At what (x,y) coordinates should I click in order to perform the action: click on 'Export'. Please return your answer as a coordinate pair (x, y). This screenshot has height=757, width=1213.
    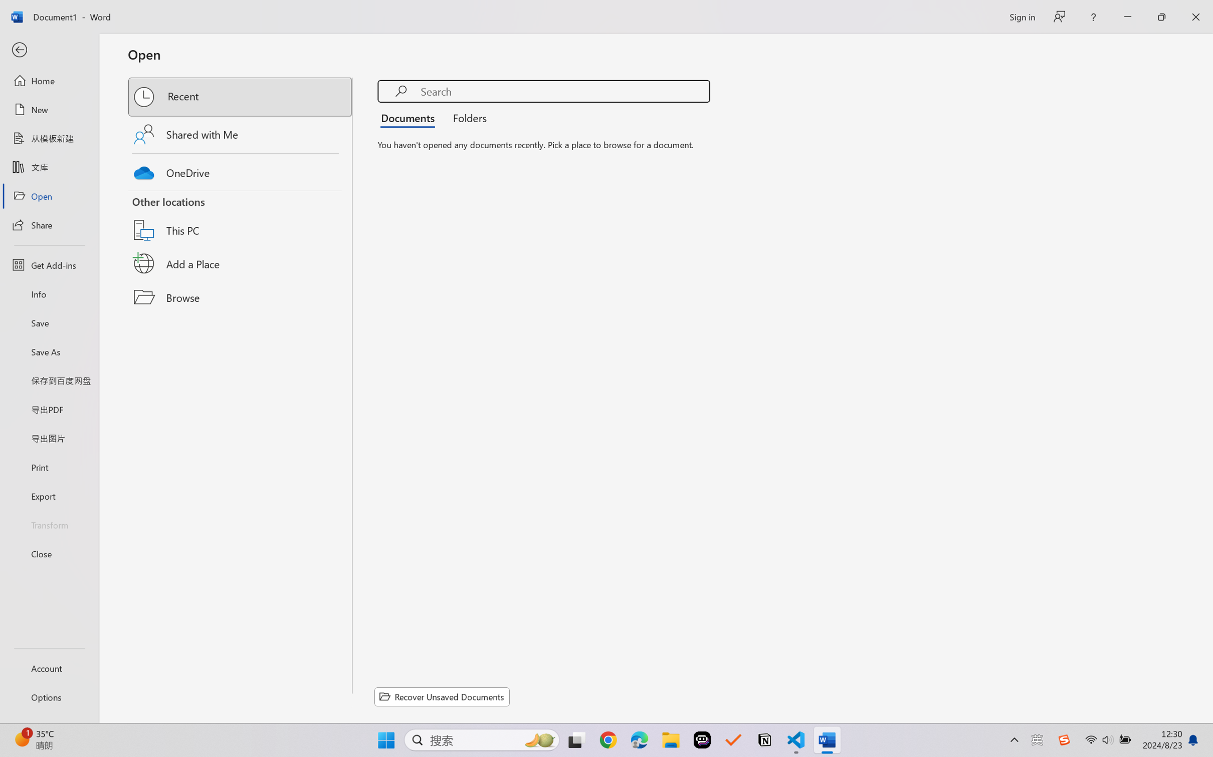
    Looking at the image, I should click on (49, 495).